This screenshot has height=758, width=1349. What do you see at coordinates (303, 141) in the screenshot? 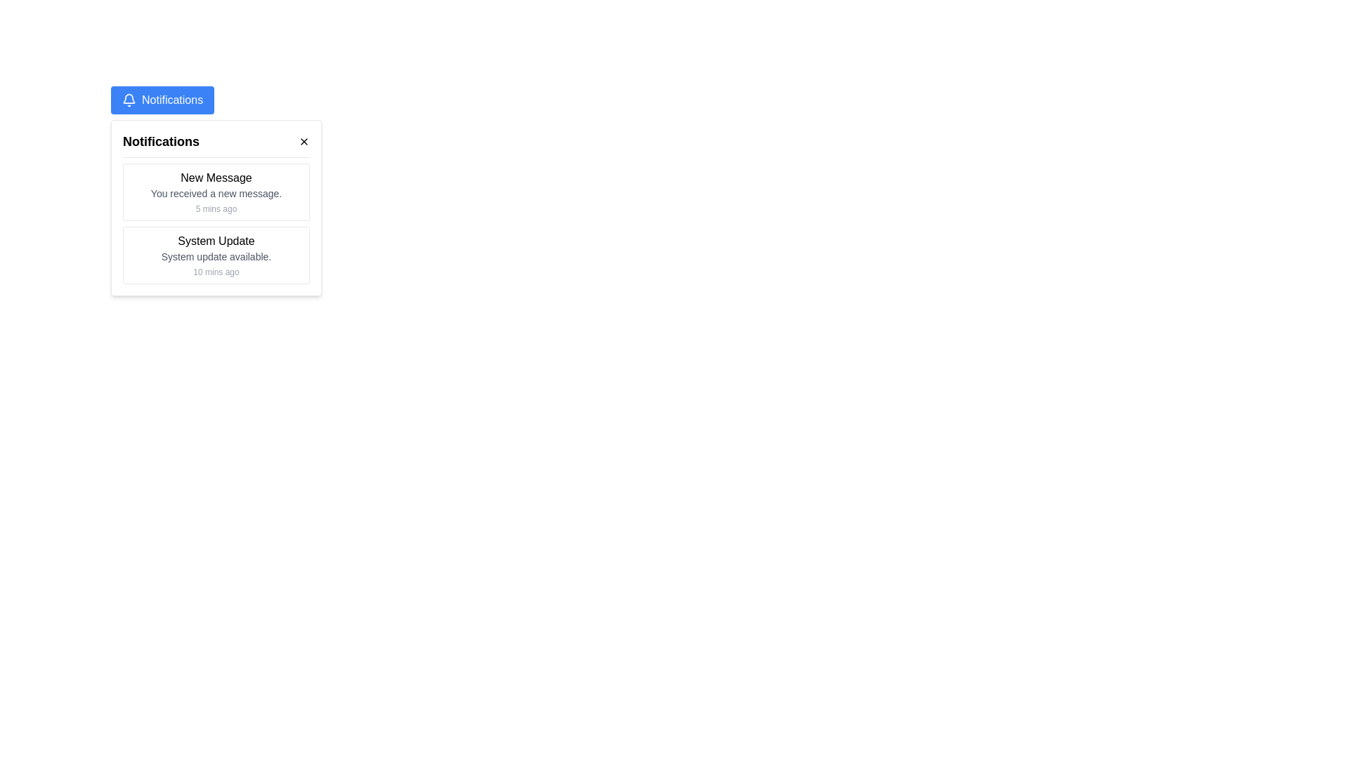
I see `the Close button located on the right side of the Notifications header section to potentially reveal a tooltip or visual highlight` at bounding box center [303, 141].